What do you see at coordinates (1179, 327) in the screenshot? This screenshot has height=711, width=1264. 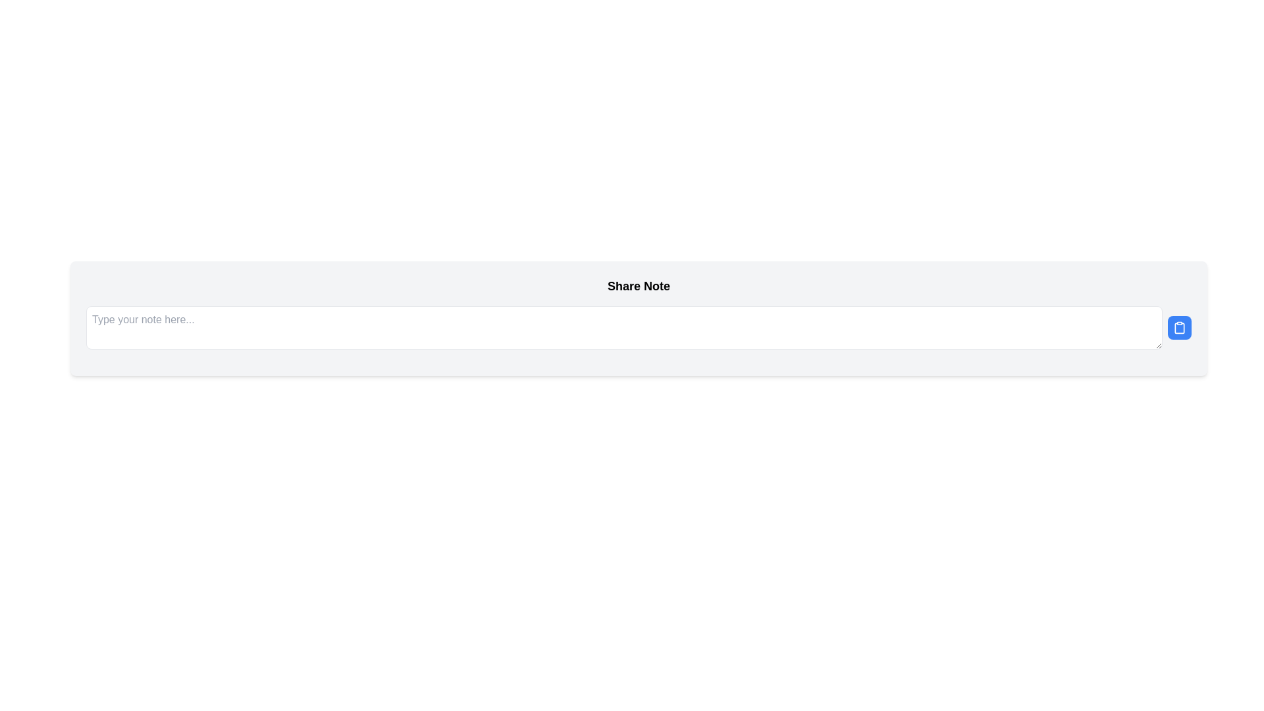 I see `the copy action button located at the far right end of the text input field` at bounding box center [1179, 327].